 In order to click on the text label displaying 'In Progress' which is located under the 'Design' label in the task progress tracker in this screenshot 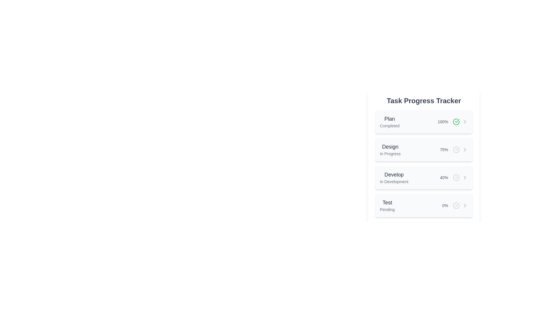, I will do `click(390, 153)`.